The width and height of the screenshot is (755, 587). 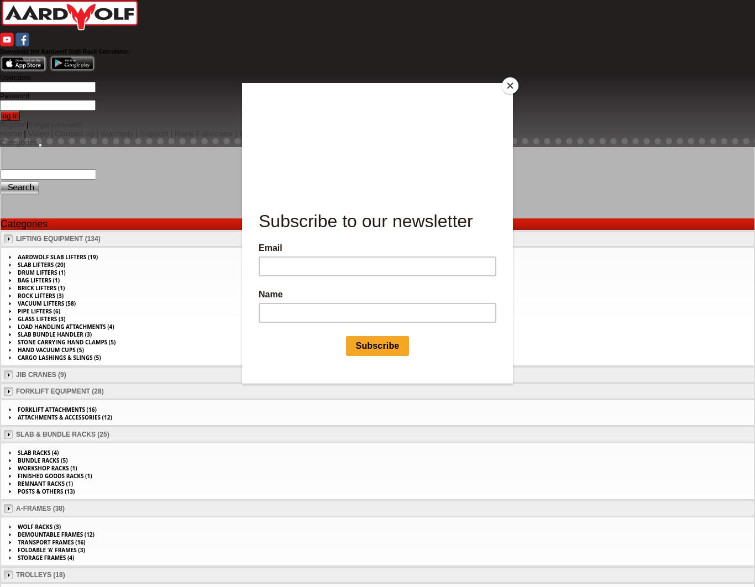 I want to click on 'log in', so click(x=9, y=116).